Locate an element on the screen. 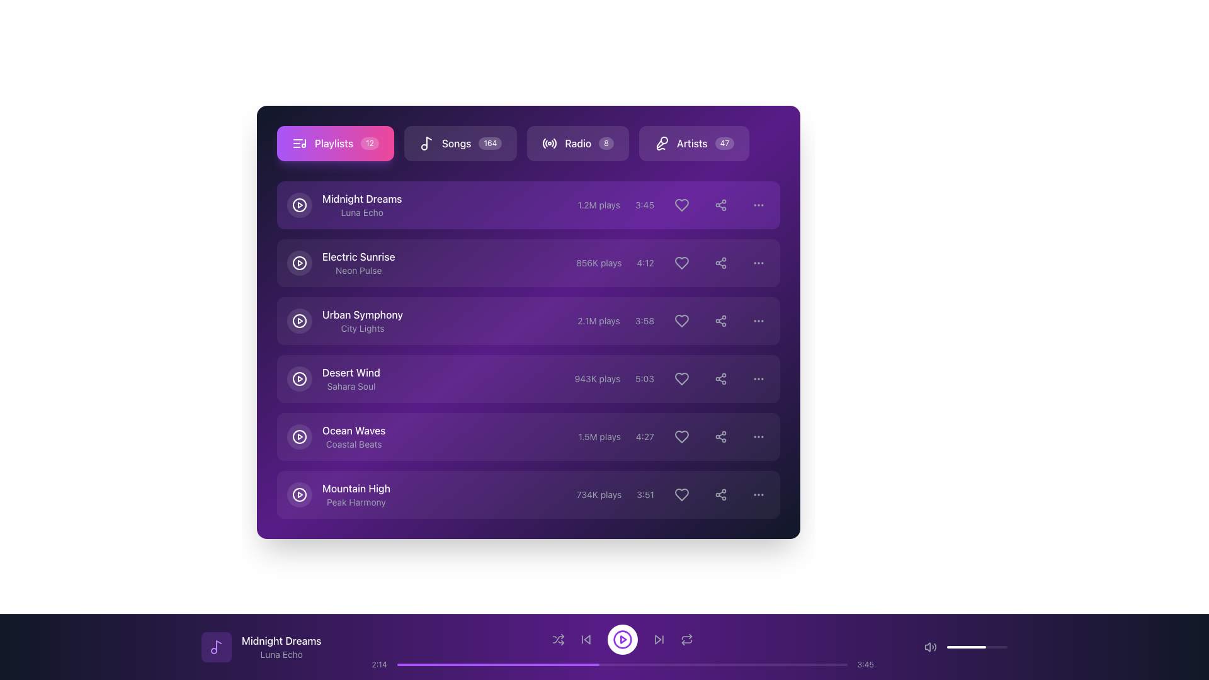 The image size is (1209, 680). the third list item under the 'Playlists' section that displays 'Urban Symphony' in bold white font and 'City Lights' in gray font is located at coordinates (344, 320).